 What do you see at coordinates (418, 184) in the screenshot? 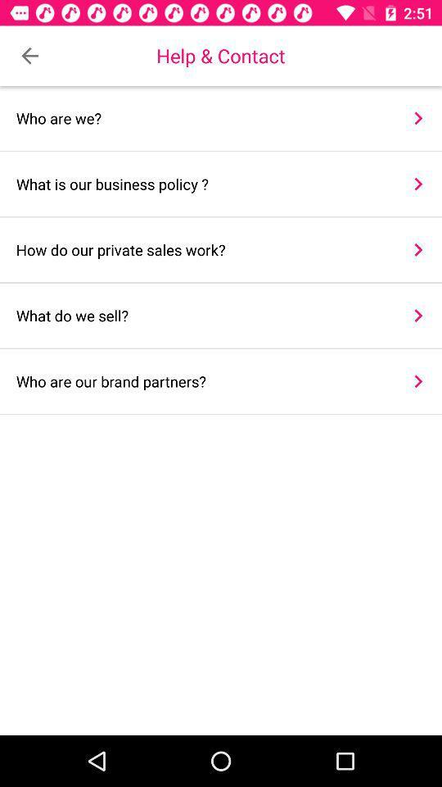
I see `the icon above how do our icon` at bounding box center [418, 184].